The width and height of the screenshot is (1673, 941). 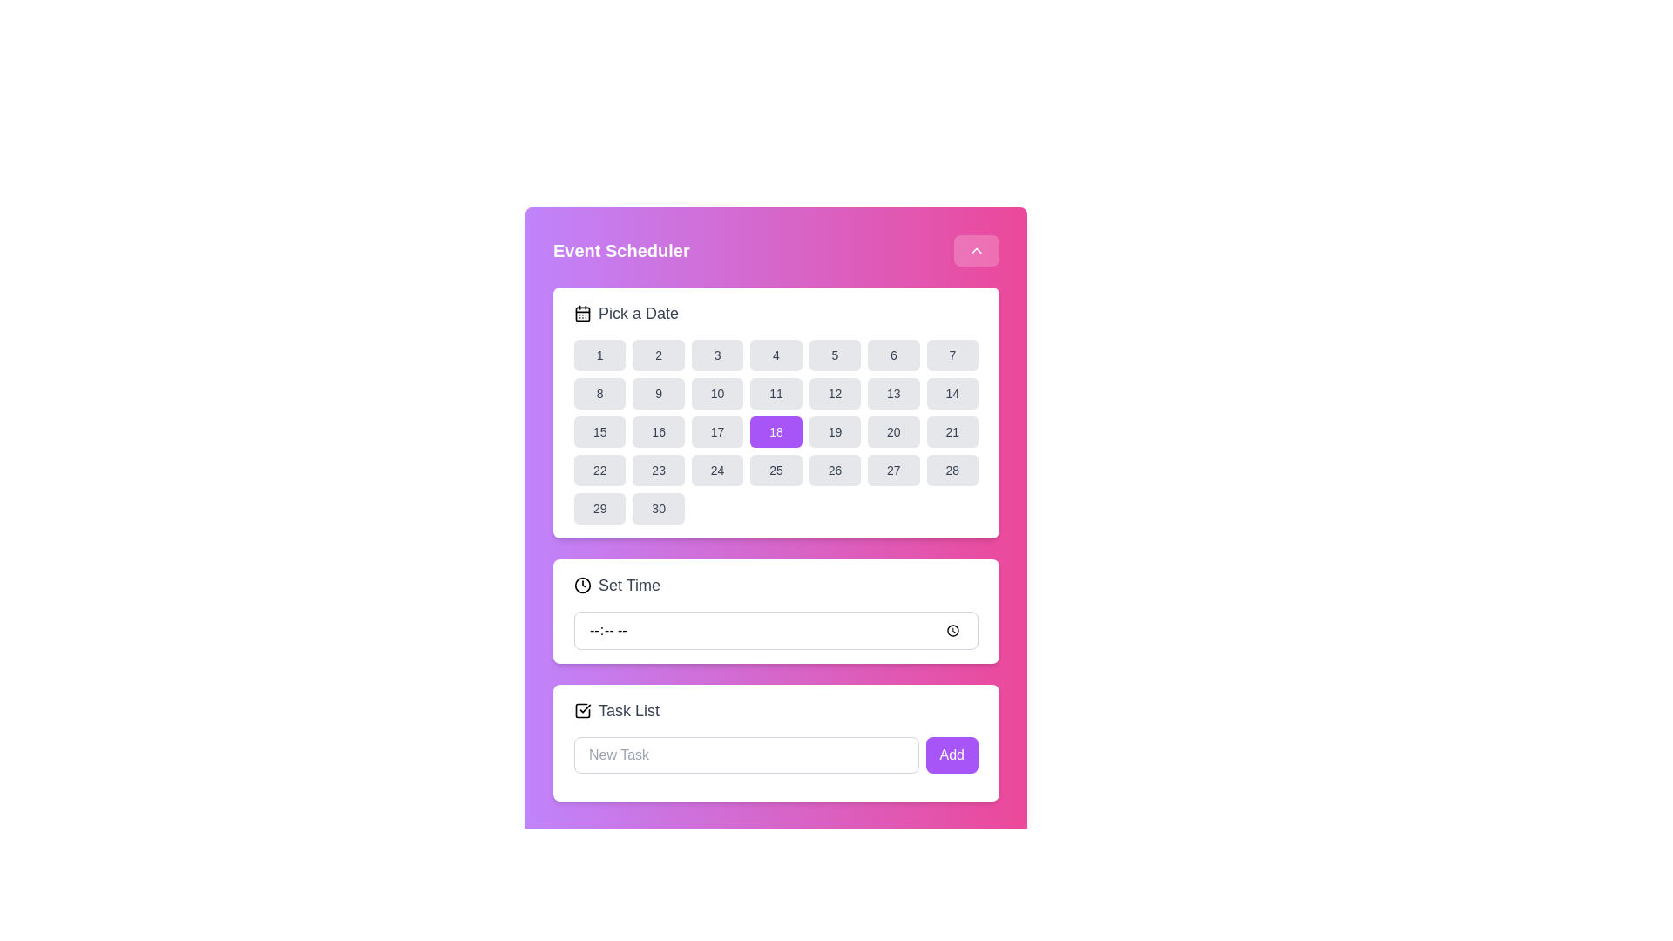 What do you see at coordinates (834, 393) in the screenshot?
I see `the button labeled '12' in the second row and fifth column of the calendar grid` at bounding box center [834, 393].